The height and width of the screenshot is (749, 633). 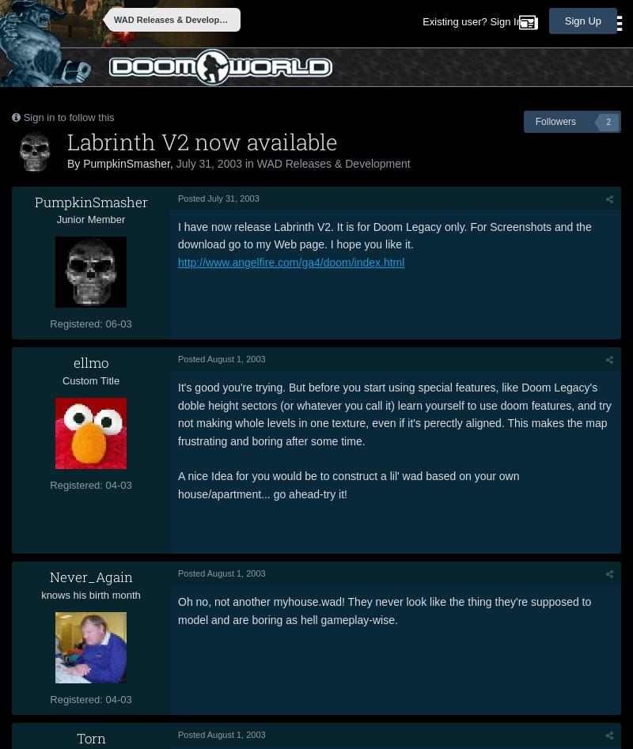 What do you see at coordinates (385, 610) in the screenshot?
I see `'Oh no, not another myhouse.wad! They never look like the thing they're supposed to model and are boring as hell gameplay-wise.'` at bounding box center [385, 610].